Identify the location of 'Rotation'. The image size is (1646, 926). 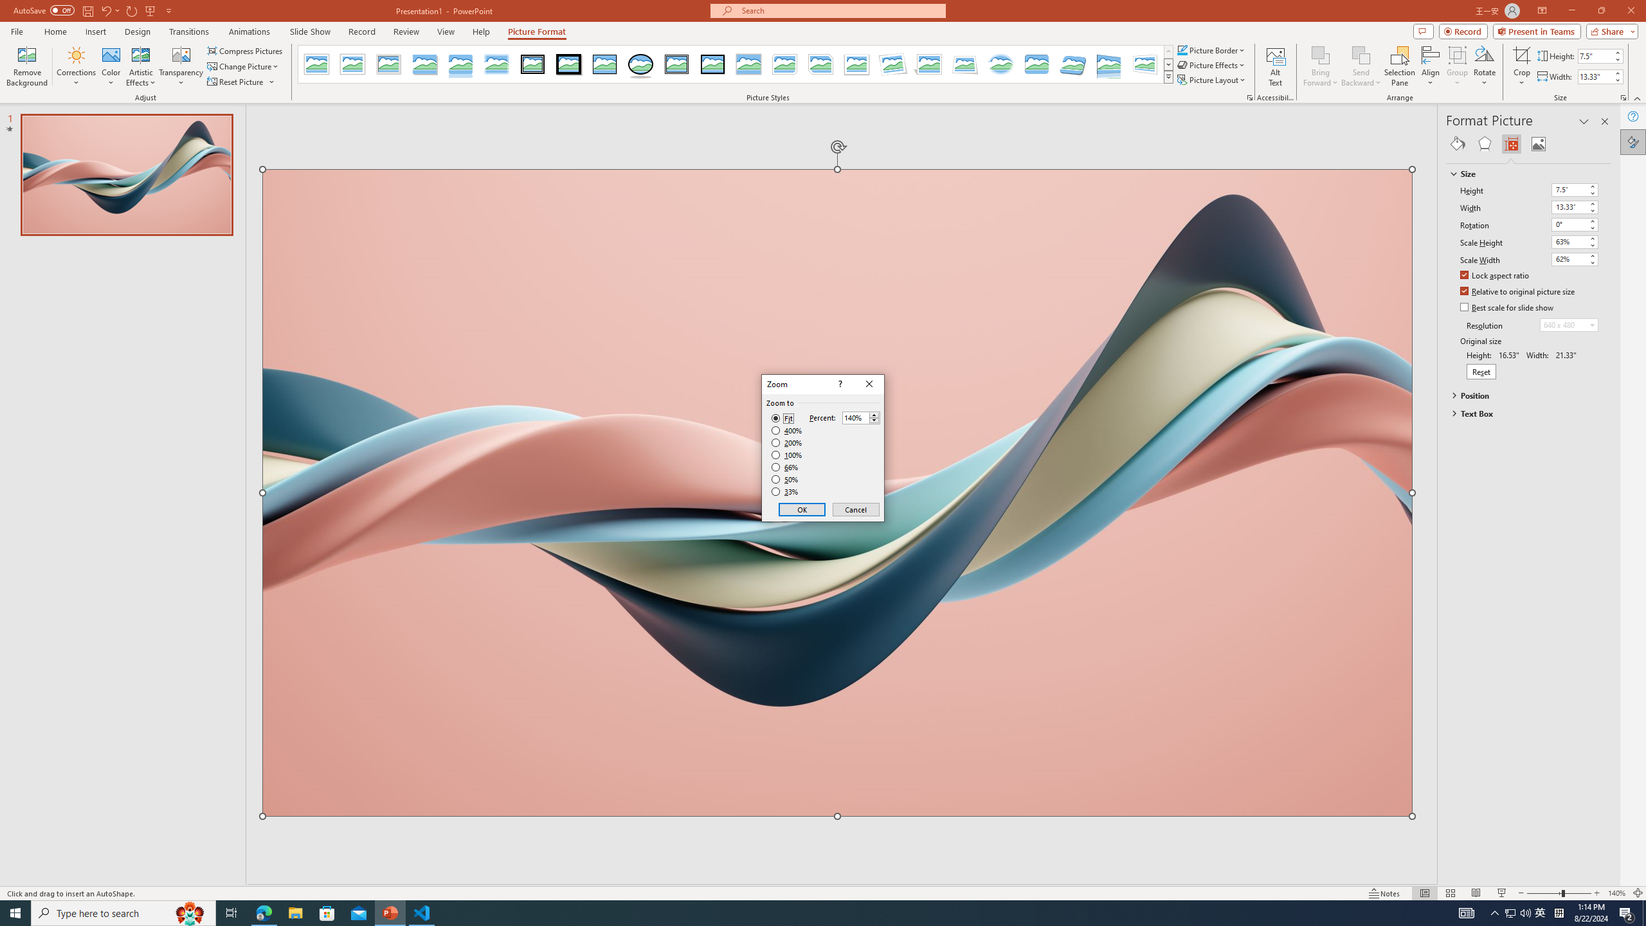
(1575, 224).